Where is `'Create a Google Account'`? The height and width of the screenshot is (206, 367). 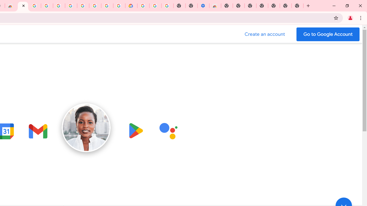
'Create a Google Account' is located at coordinates (265, 34).